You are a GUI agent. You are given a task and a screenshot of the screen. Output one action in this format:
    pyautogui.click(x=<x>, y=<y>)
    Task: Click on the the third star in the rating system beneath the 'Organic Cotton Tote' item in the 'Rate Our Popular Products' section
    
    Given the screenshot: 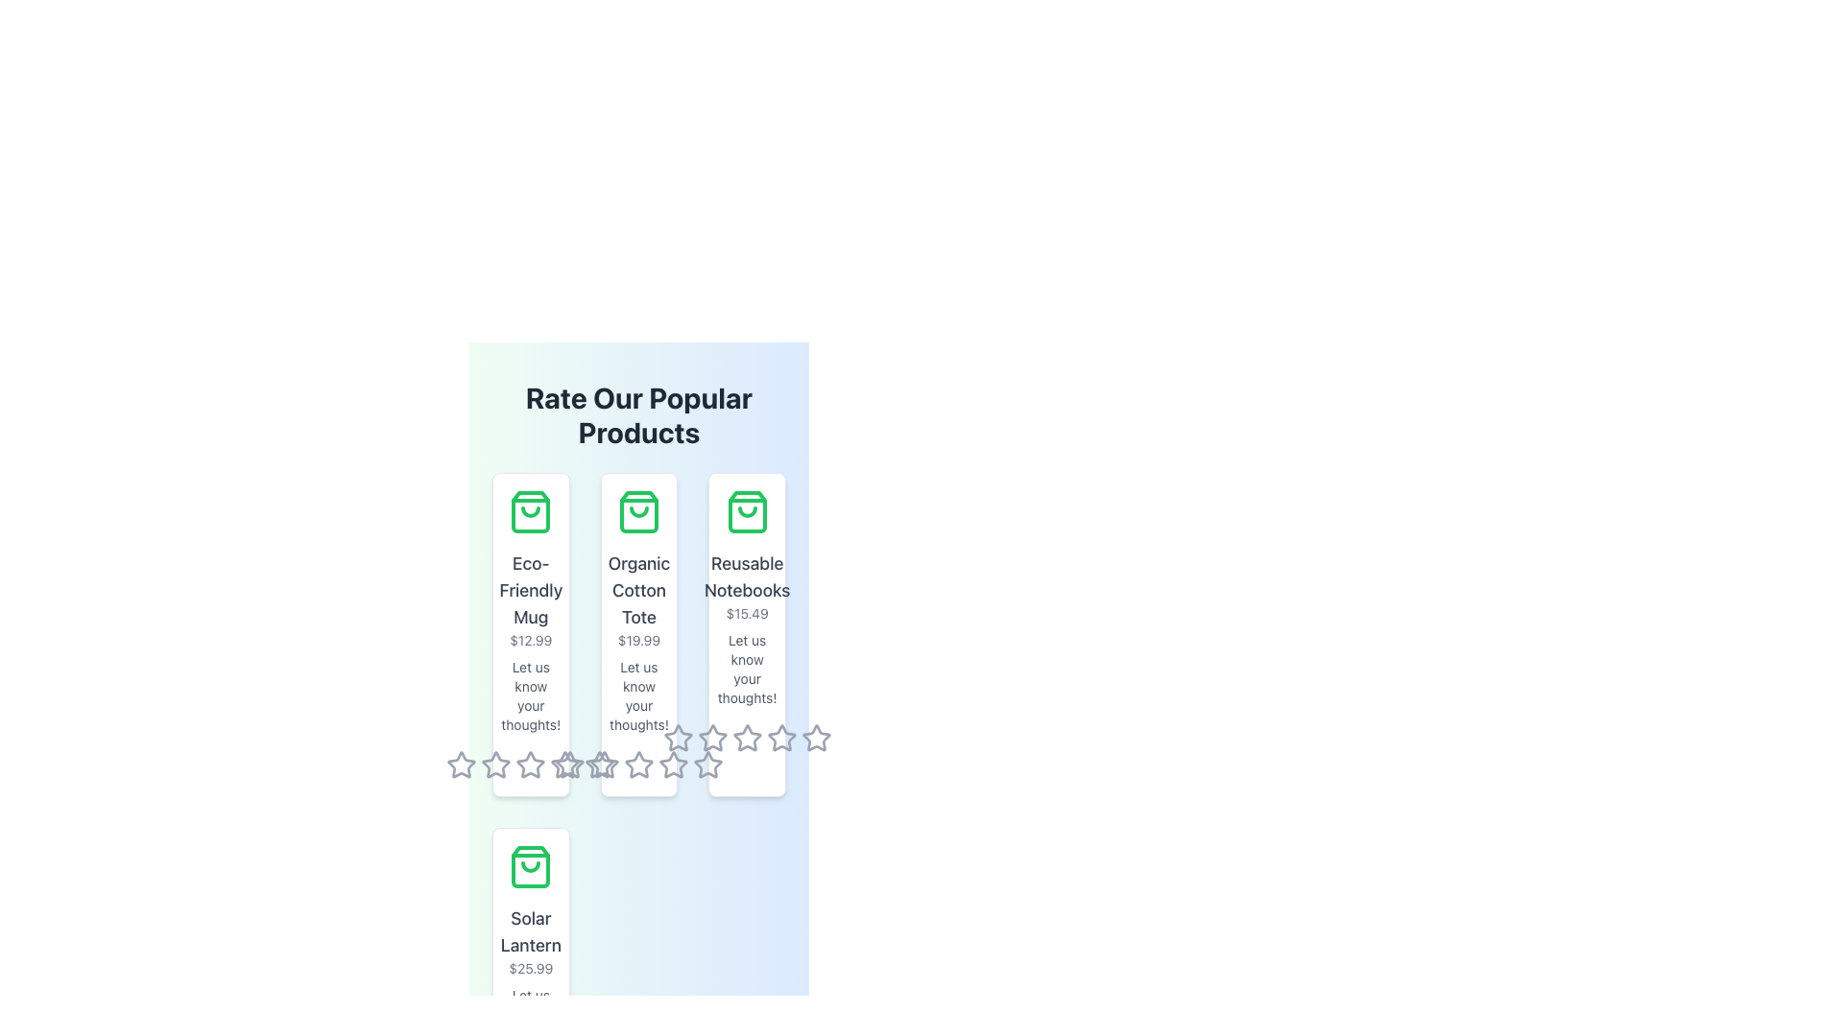 What is the action you would take?
    pyautogui.click(x=564, y=764)
    